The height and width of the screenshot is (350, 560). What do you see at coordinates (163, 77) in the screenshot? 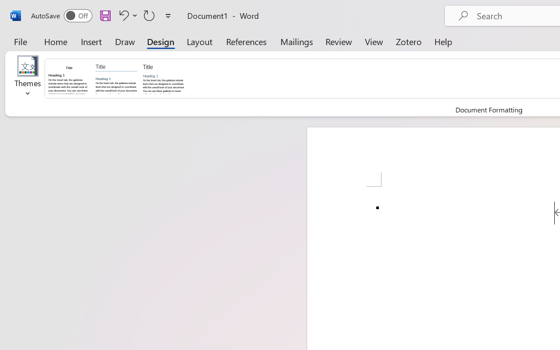
I see `'Word 2013'` at bounding box center [163, 77].